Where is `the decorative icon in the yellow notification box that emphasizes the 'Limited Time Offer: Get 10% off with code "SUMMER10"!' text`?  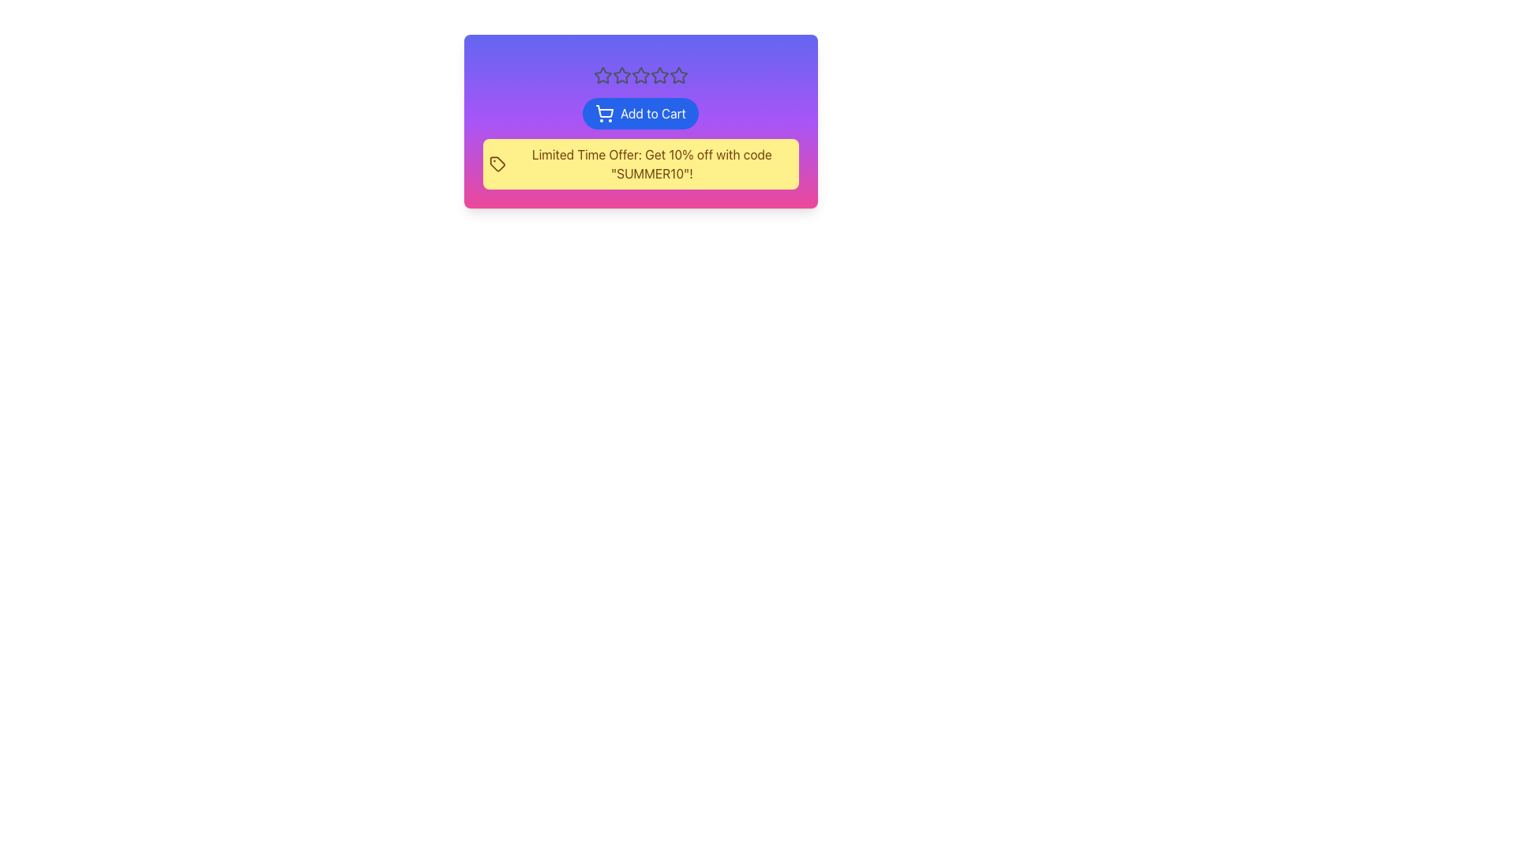 the decorative icon in the yellow notification box that emphasizes the 'Limited Time Offer: Get 10% off with code "SUMMER10"!' text is located at coordinates (496, 164).